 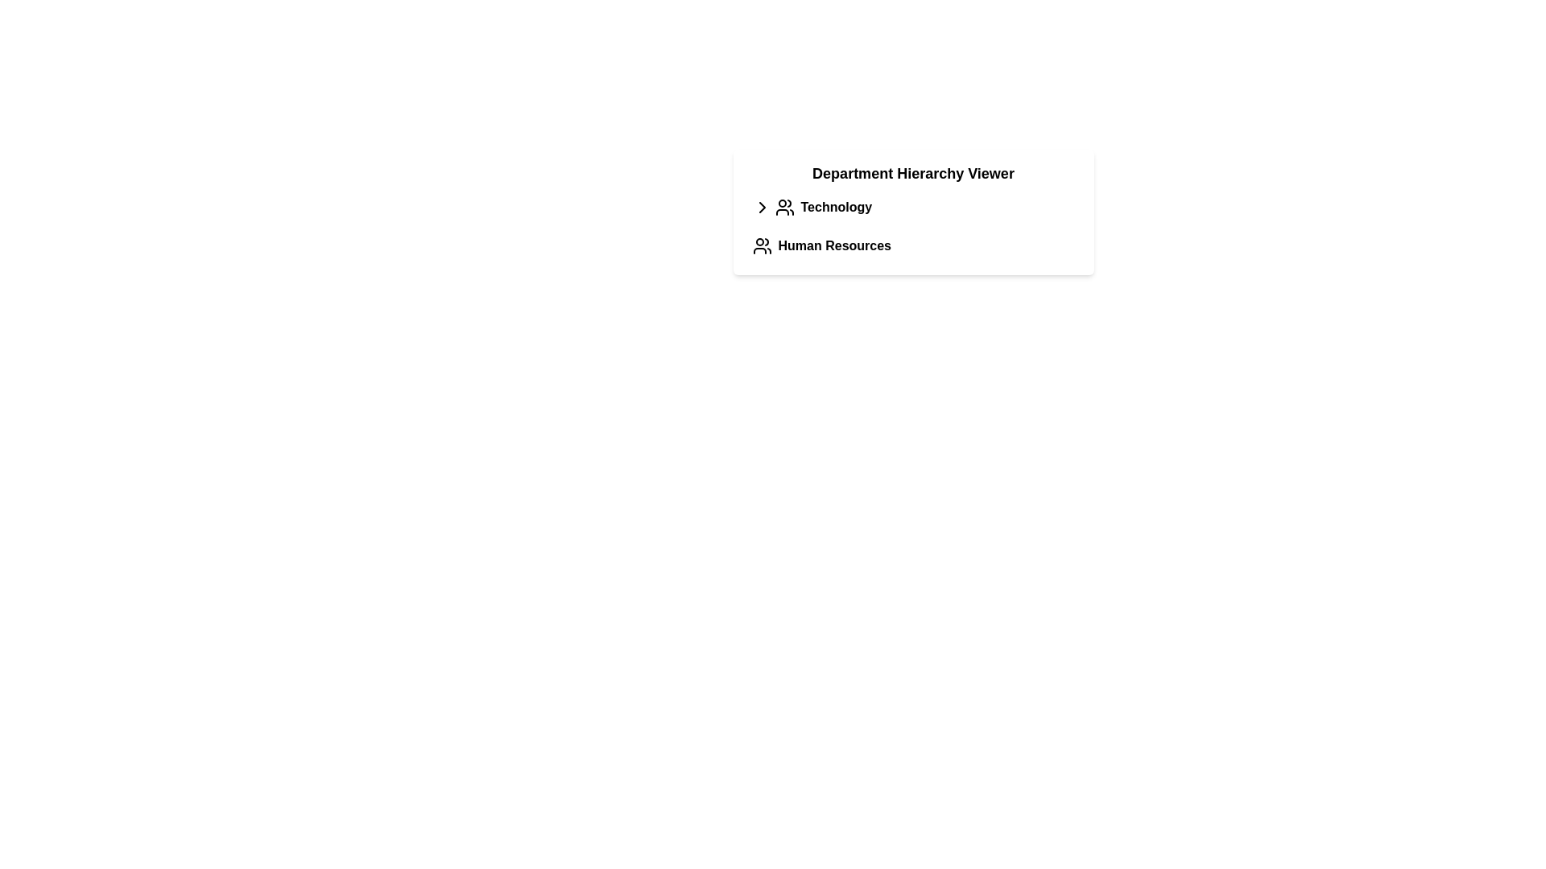 What do you see at coordinates (784, 207) in the screenshot?
I see `the group of people icon, which is located to the left of the 'Technology' text, as an indicator` at bounding box center [784, 207].